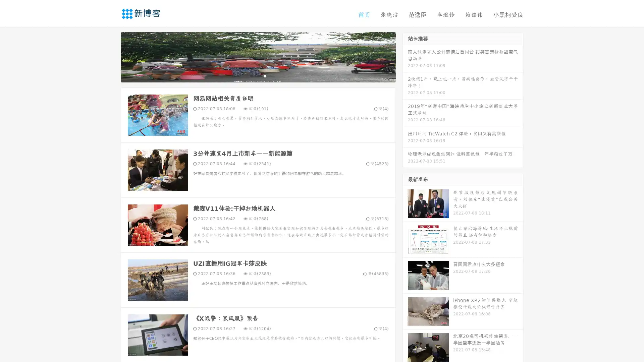  What do you see at coordinates (258, 75) in the screenshot?
I see `Go to slide 2` at bounding box center [258, 75].